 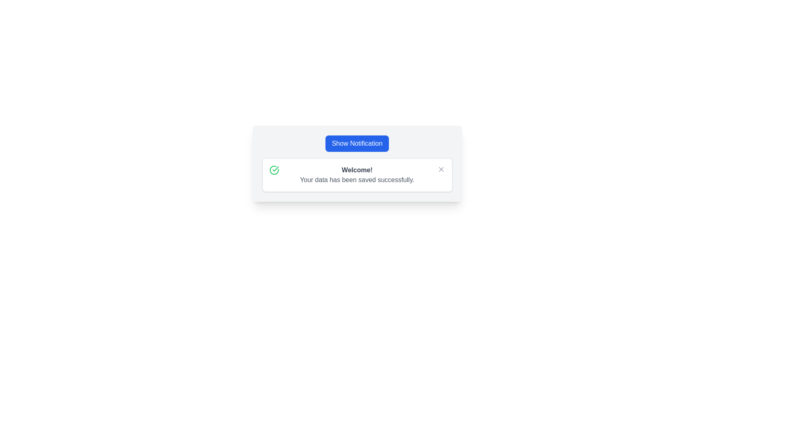 I want to click on the success indicator icon located to the left of the 'Welcome!' text in the notification panel, indicating successful data save, so click(x=274, y=170).